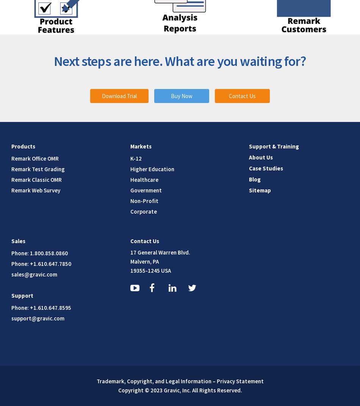 Image resolution: width=360 pixels, height=406 pixels. Describe the element at coordinates (36, 190) in the screenshot. I see `'Remark Web Survey'` at that location.